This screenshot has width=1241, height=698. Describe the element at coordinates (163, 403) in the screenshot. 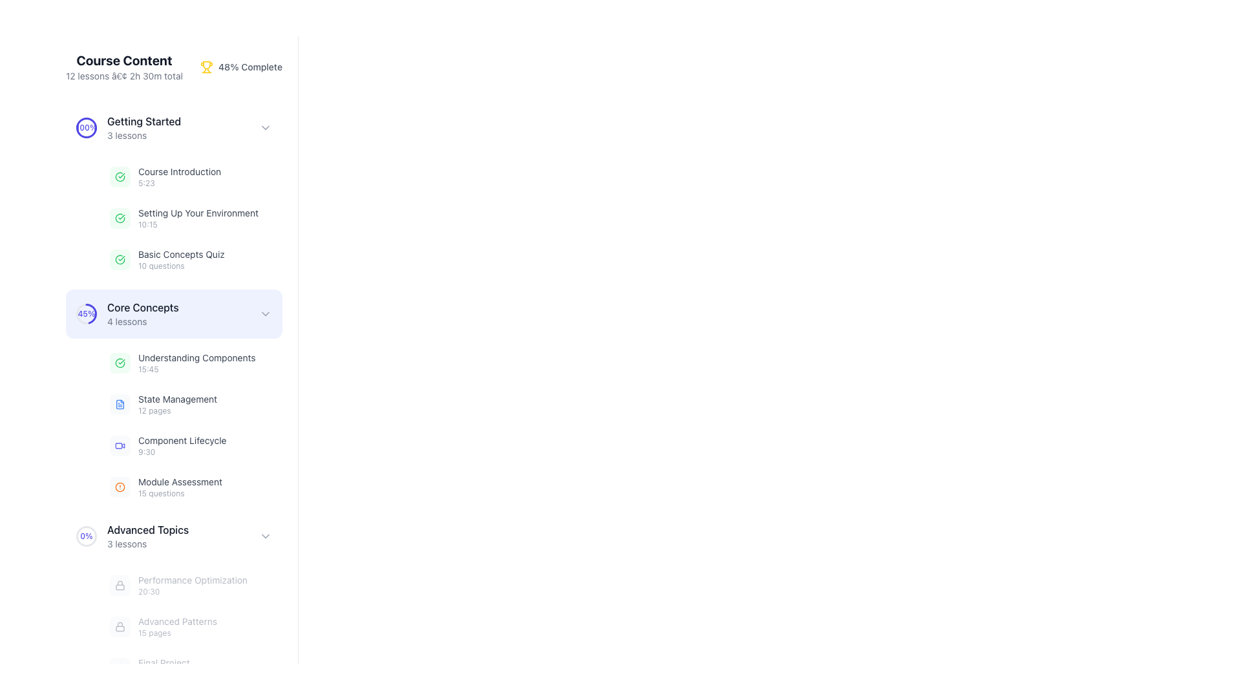

I see `the list item labeled 'State Management' which contains a blue document icon and is positioned as the second item in the 'Core Concepts' section` at that location.